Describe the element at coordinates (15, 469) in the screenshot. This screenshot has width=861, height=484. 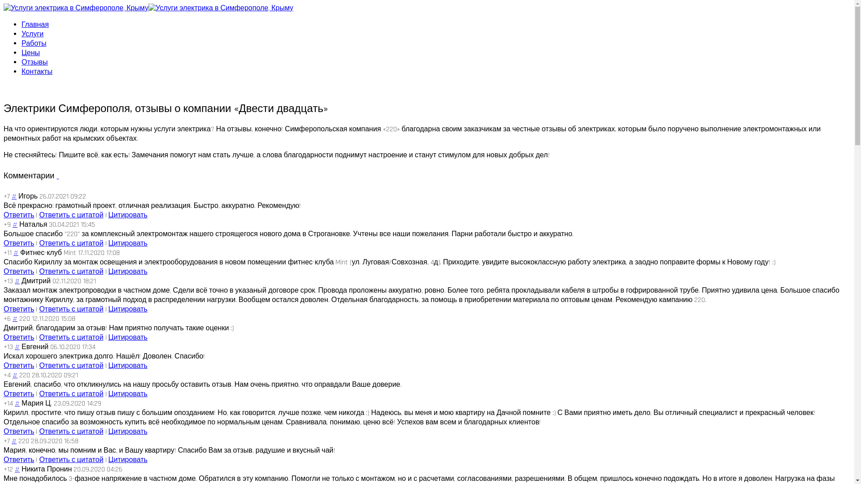
I see `'#'` at that location.